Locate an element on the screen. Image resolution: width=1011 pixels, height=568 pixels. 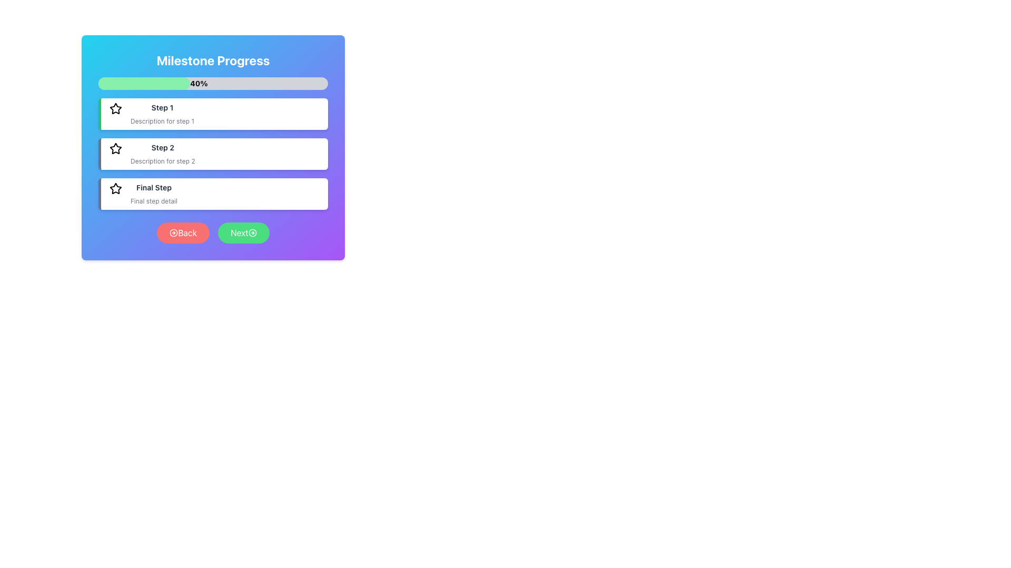
the star icon representing 'Step 1' in the milestone progress tracker is located at coordinates (116, 188).